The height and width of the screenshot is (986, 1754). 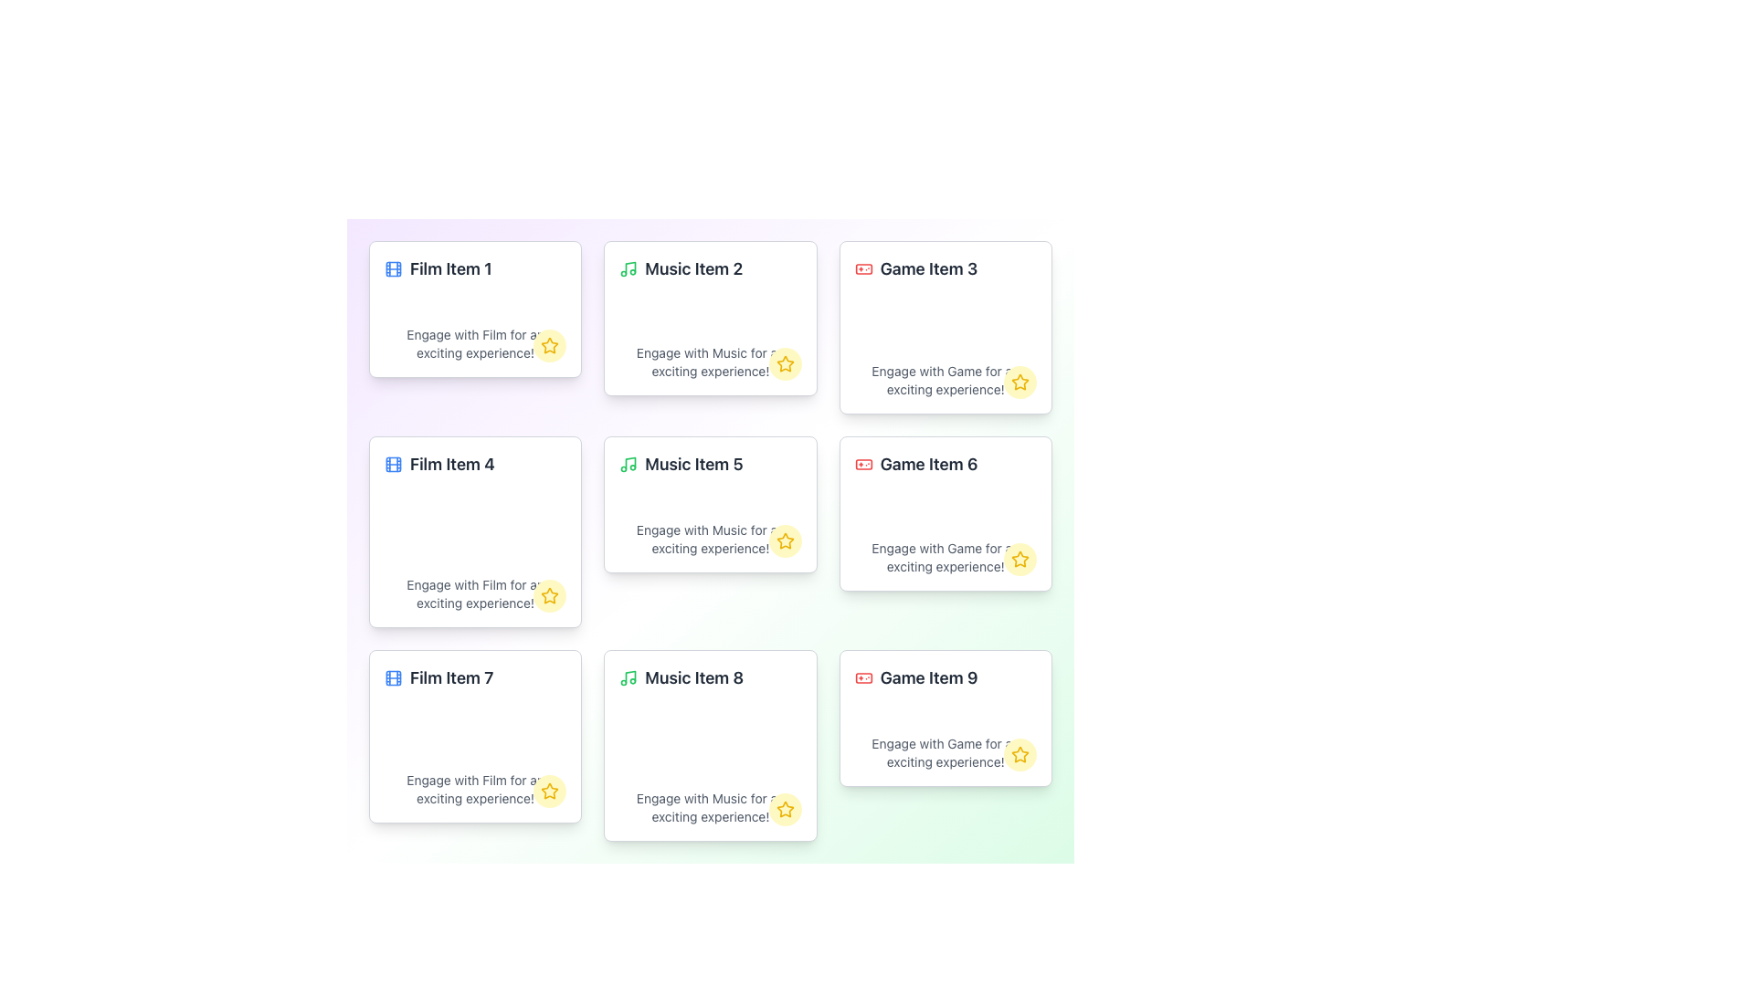 I want to click on text content of the title for the first card located at the top-left corner of the grid layout, immediately following the blue film strip icon, so click(x=450, y=268).